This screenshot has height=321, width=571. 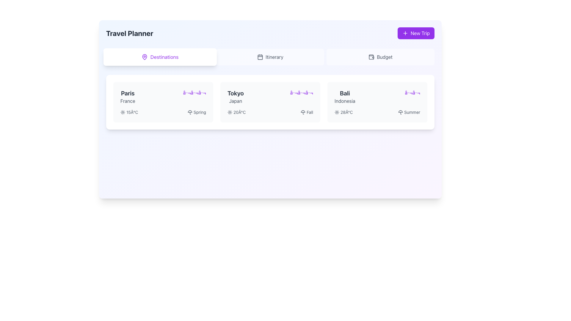 What do you see at coordinates (420, 33) in the screenshot?
I see `the 'New Trip' text label, which is styled in bold purple font and located within a button at the top-right corner of the interface` at bounding box center [420, 33].